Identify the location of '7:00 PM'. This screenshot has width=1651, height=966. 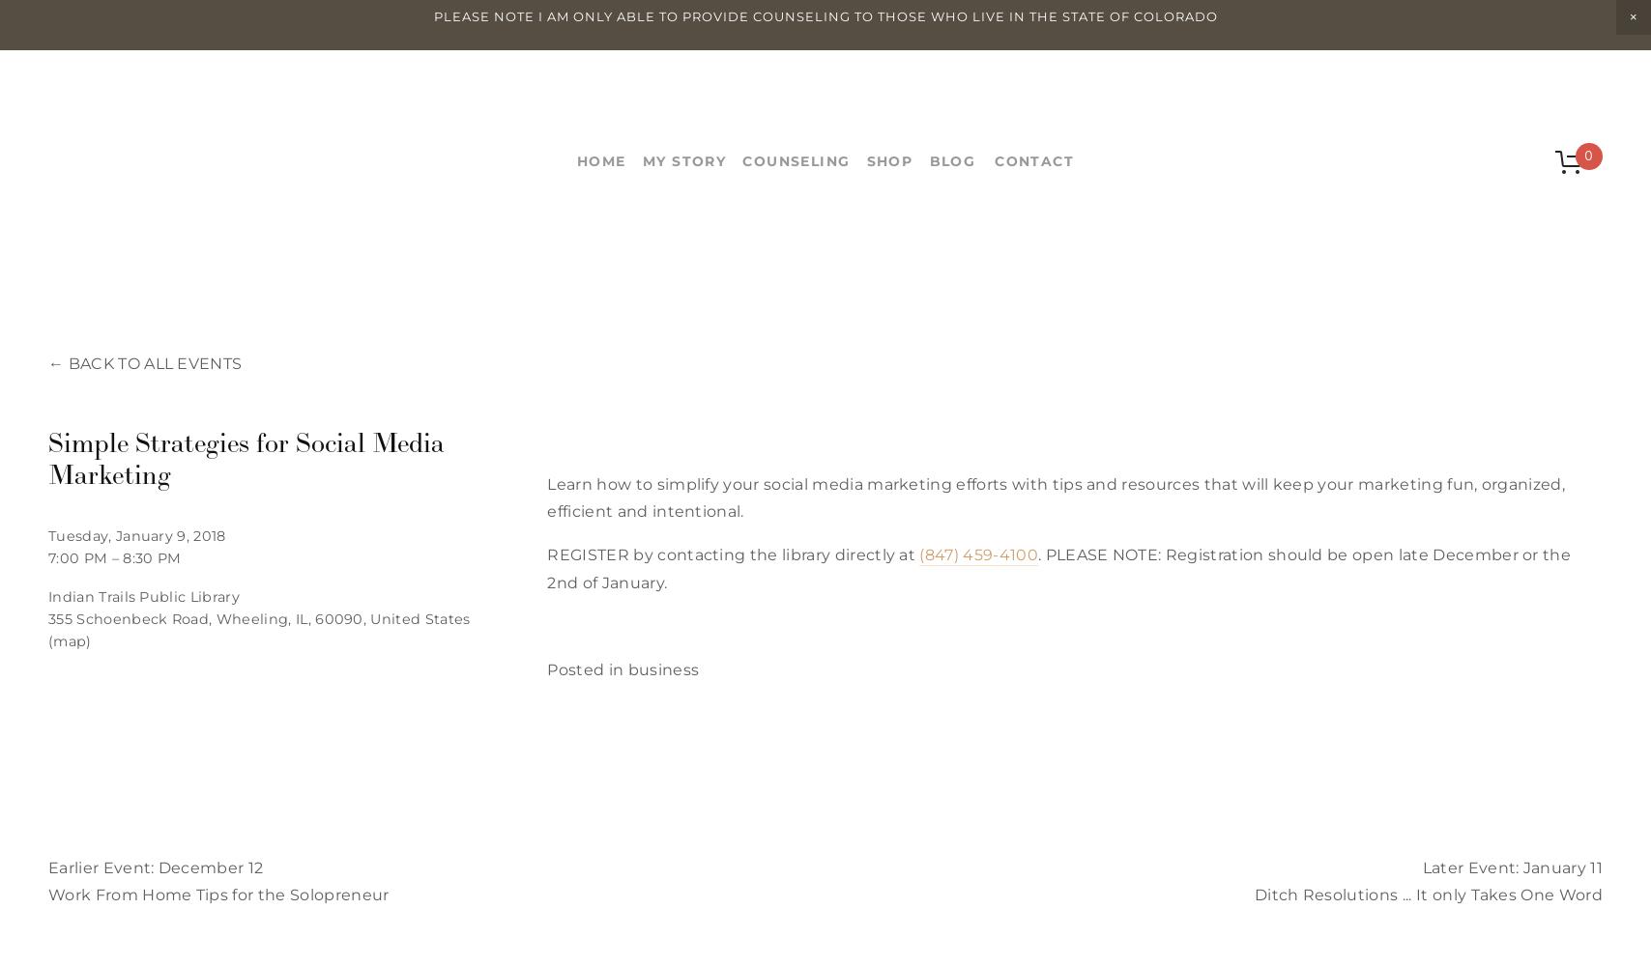
(77, 556).